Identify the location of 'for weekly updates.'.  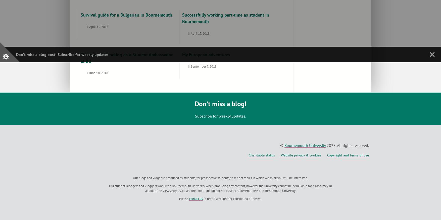
(91, 54).